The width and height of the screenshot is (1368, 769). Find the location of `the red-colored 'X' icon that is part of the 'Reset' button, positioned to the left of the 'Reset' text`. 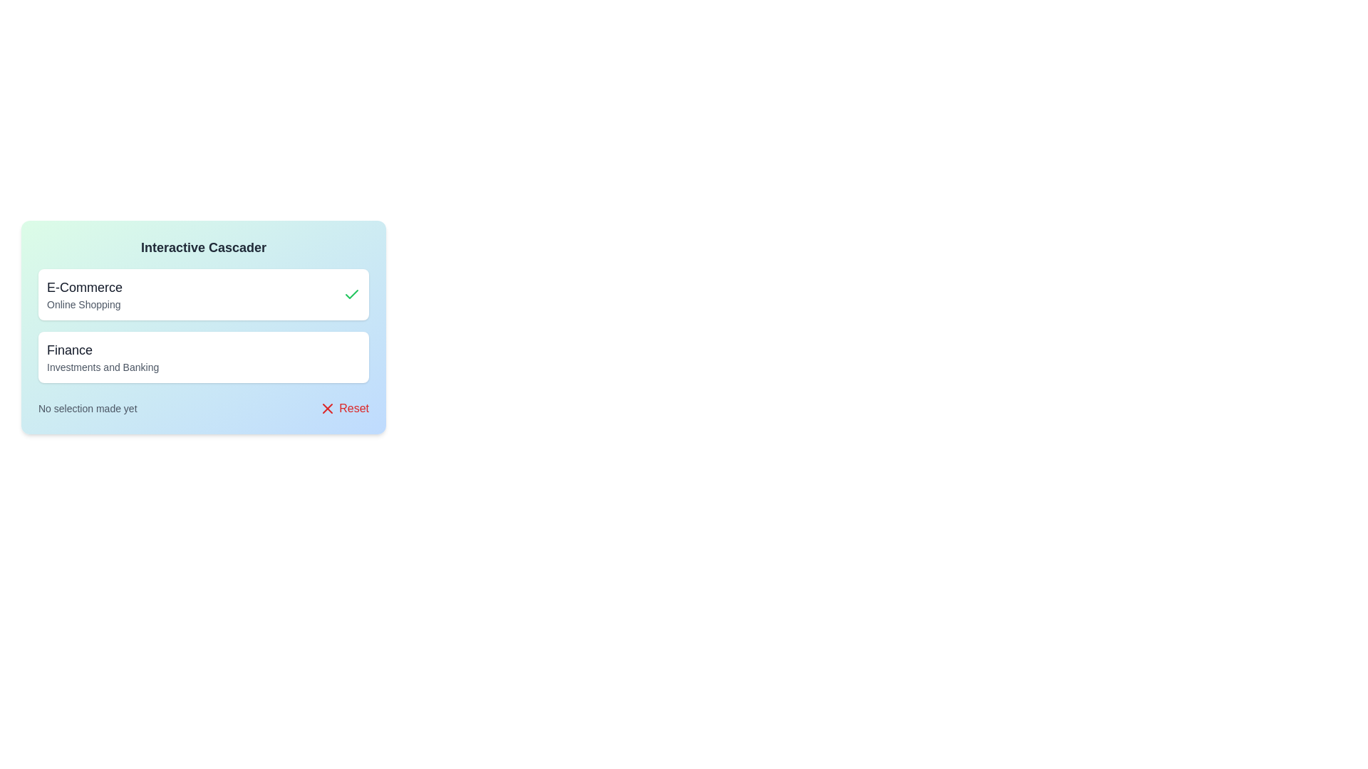

the red-colored 'X' icon that is part of the 'Reset' button, positioned to the left of the 'Reset' text is located at coordinates (327, 409).